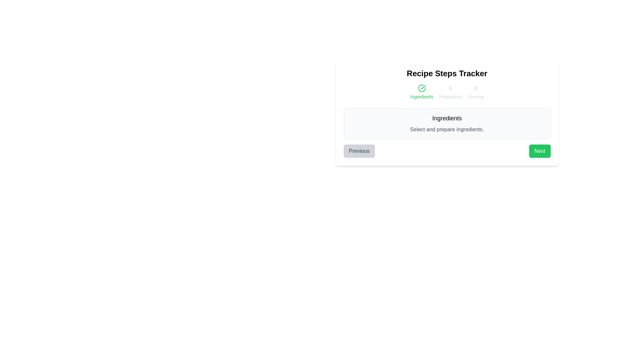 The height and width of the screenshot is (358, 637). Describe the element at coordinates (421, 88) in the screenshot. I see `the circular checkmark icon with a green stroke above the text 'Ingredients'` at that location.